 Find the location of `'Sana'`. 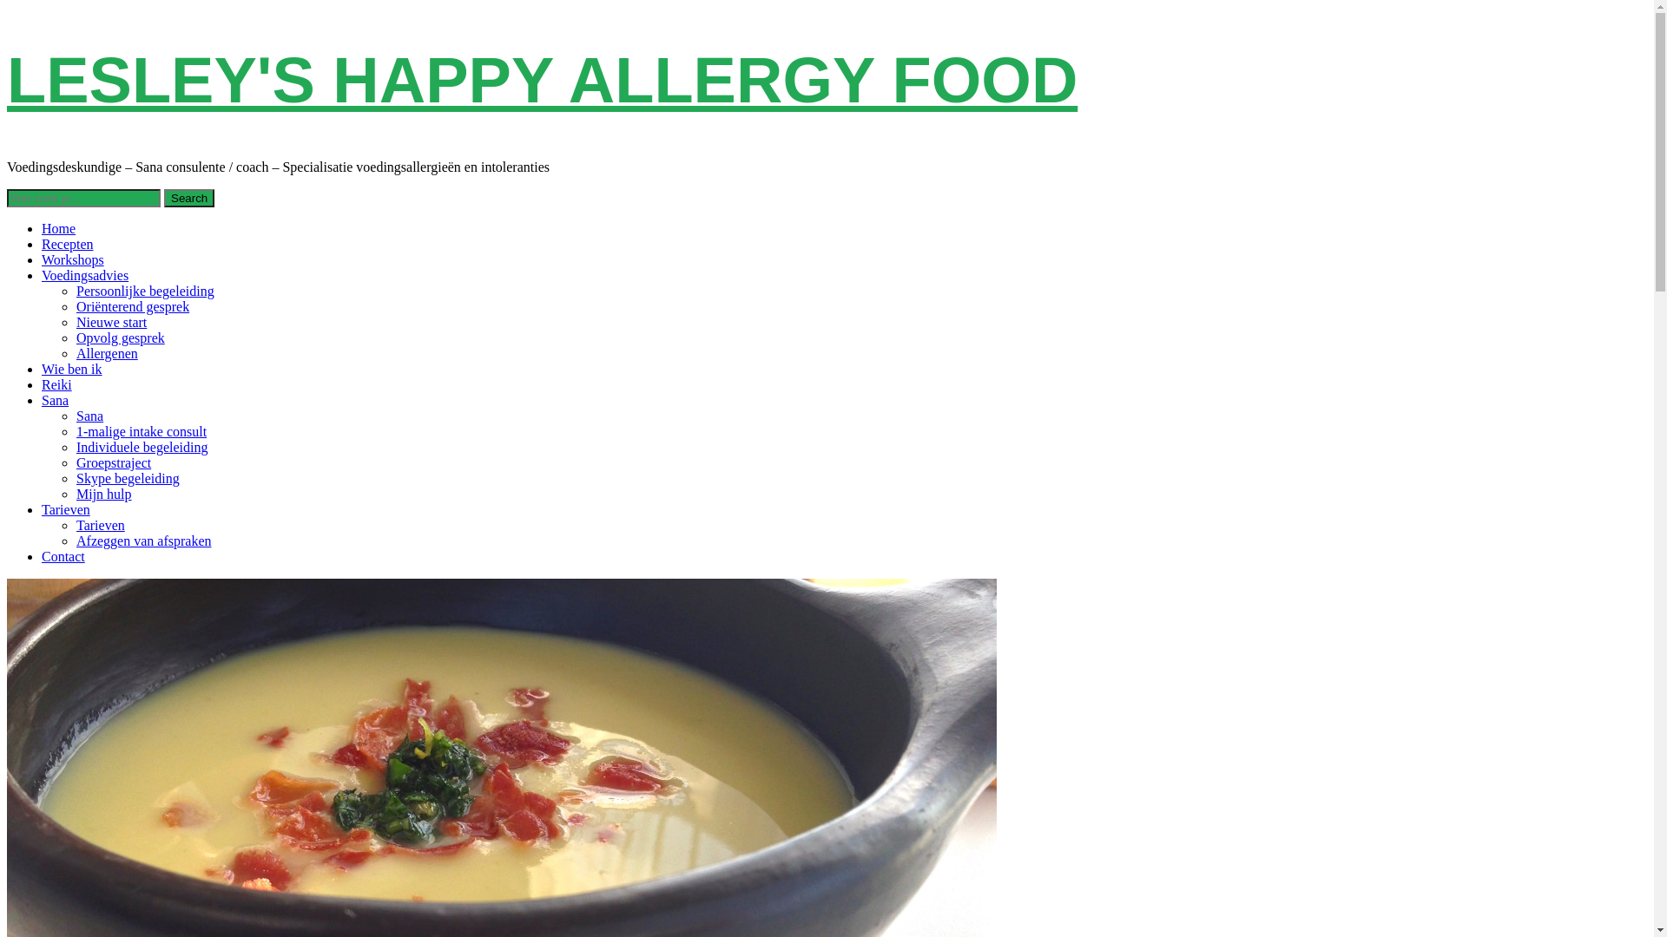

'Sana' is located at coordinates (89, 416).